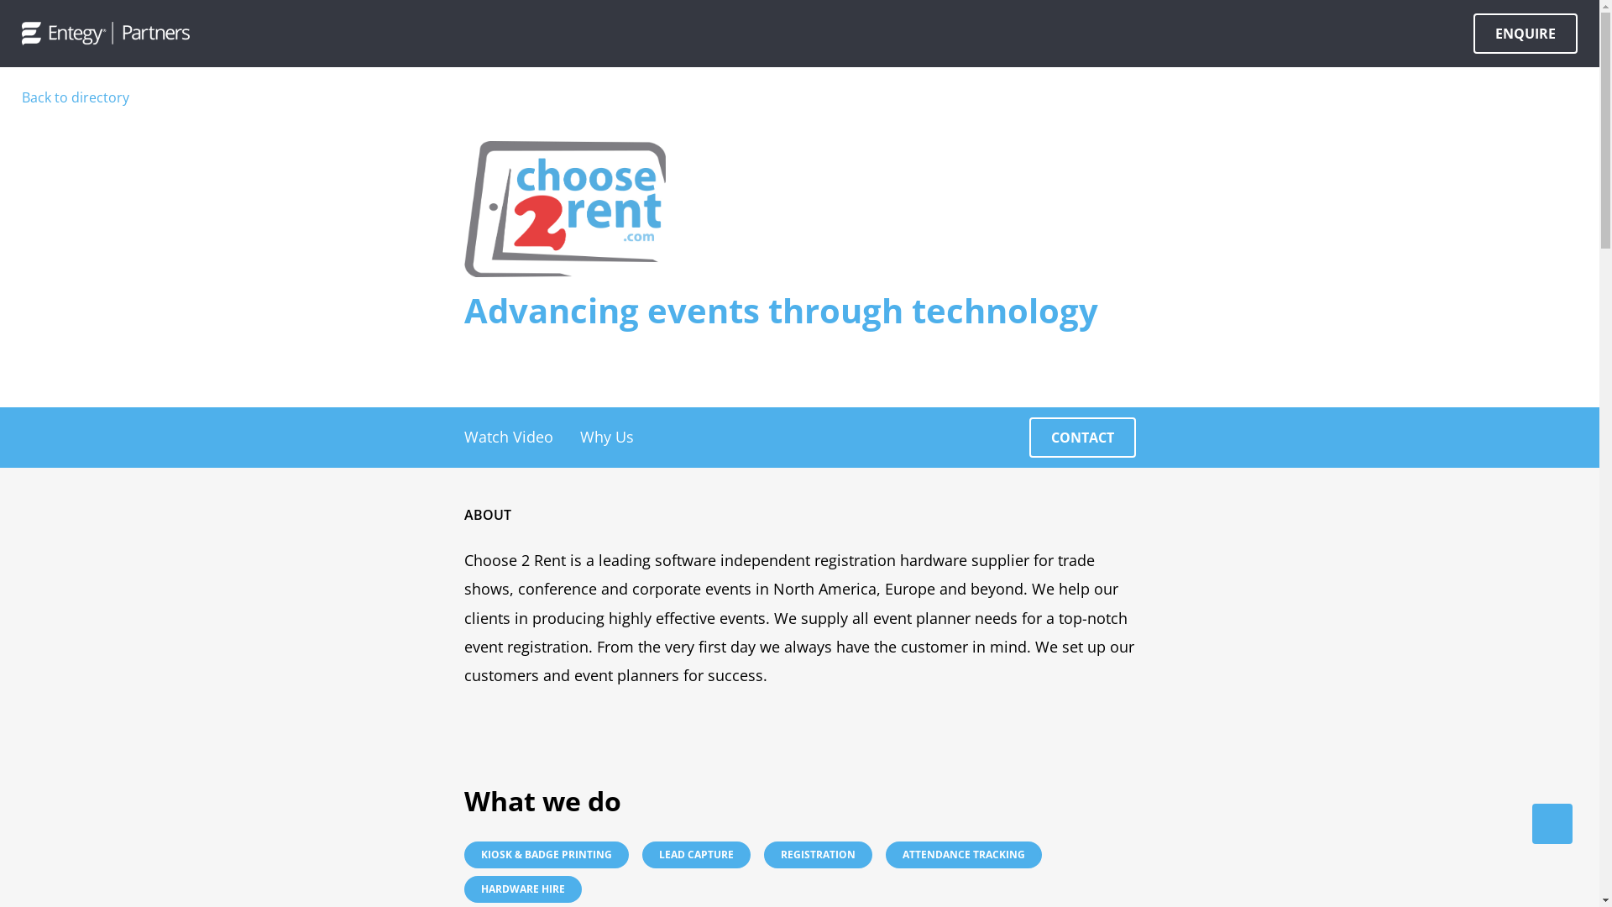 The width and height of the screenshot is (1612, 907). I want to click on 'Partner Directory logo', so click(104, 33).